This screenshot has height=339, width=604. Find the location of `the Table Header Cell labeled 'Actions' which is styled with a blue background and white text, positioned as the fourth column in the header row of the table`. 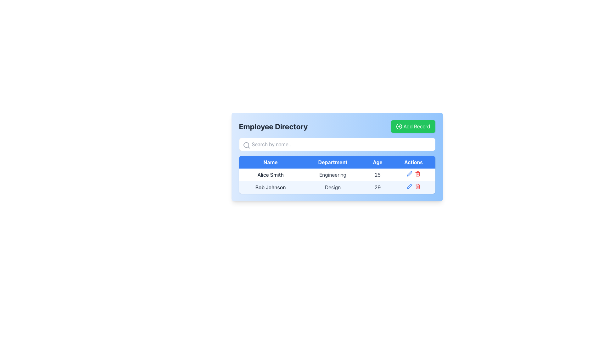

the Table Header Cell labeled 'Actions' which is styled with a blue background and white text, positioned as the fourth column in the header row of the table is located at coordinates (413, 162).